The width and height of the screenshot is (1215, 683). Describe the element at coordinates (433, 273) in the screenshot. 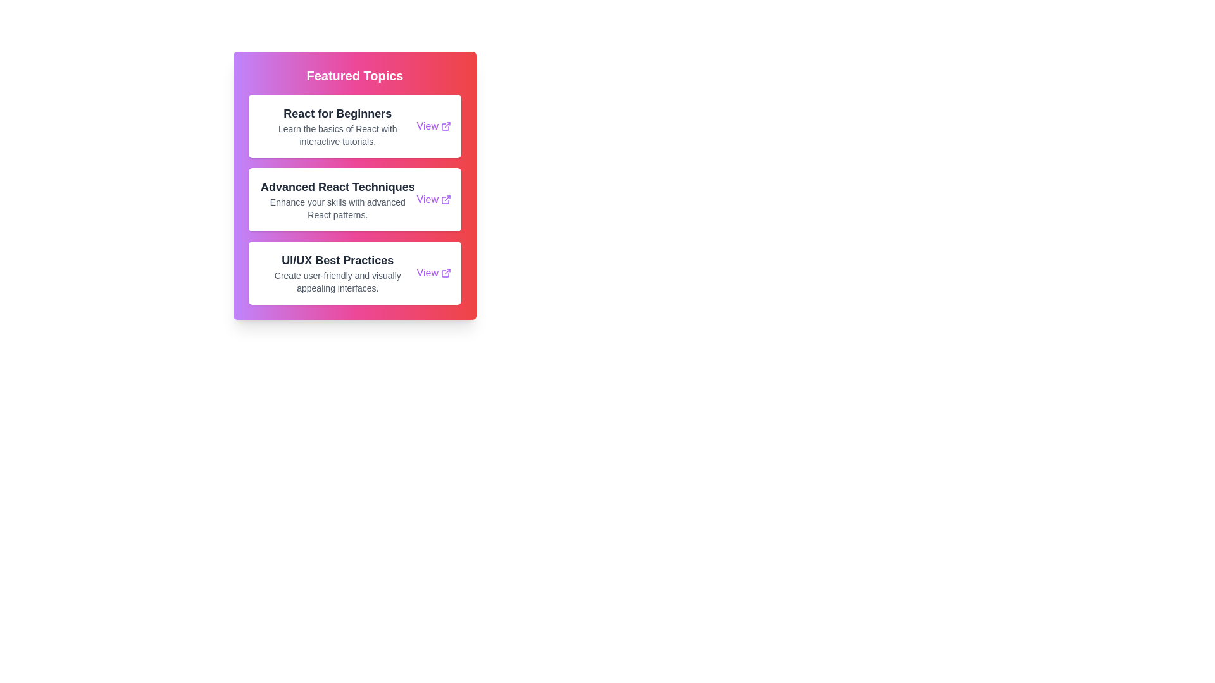

I see `the interactive 'View' link with an external link icon located in the bottom-right corner of the 'UI/UX Best Practices' card` at that location.